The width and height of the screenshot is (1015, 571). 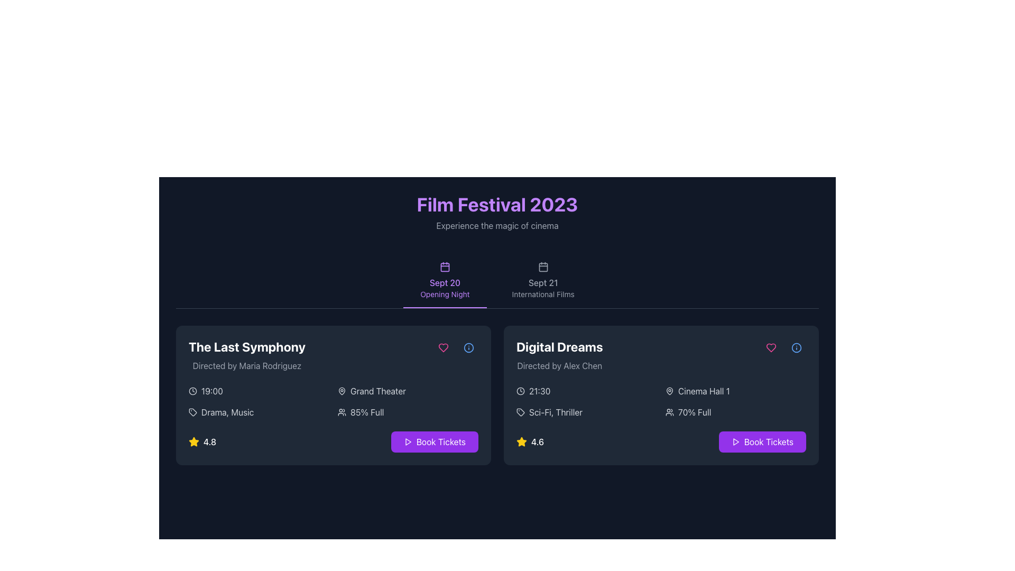 What do you see at coordinates (520, 391) in the screenshot?
I see `the small clock icon located within the 'Digital Dreams' card under the '21:30' time text` at bounding box center [520, 391].